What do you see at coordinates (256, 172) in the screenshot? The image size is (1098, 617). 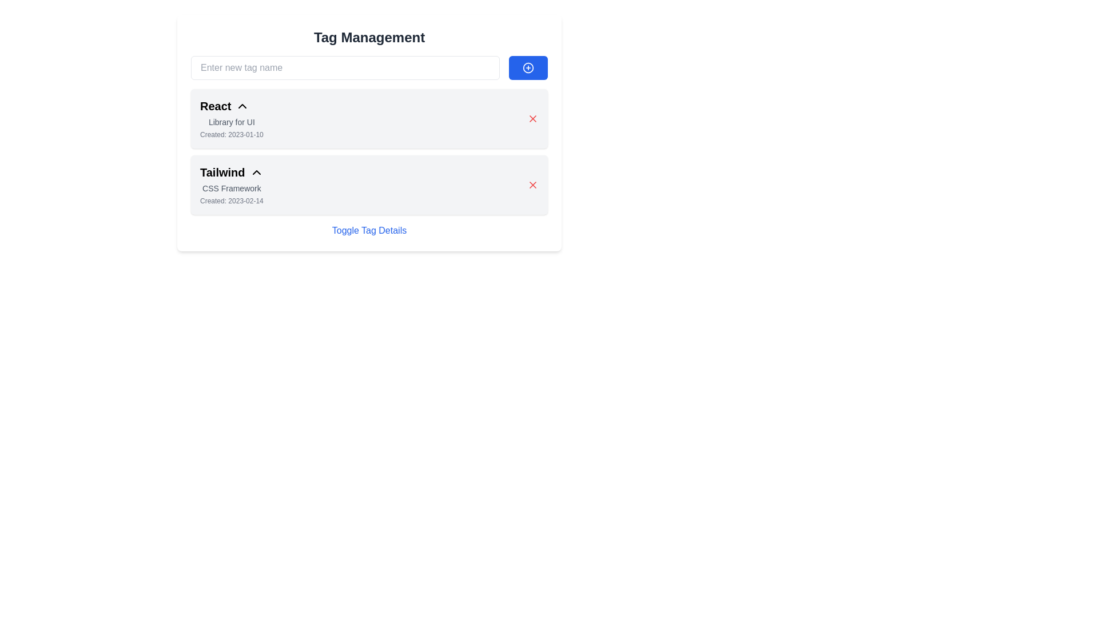 I see `the interactive button located to the right of the 'Tailwind' text` at bounding box center [256, 172].